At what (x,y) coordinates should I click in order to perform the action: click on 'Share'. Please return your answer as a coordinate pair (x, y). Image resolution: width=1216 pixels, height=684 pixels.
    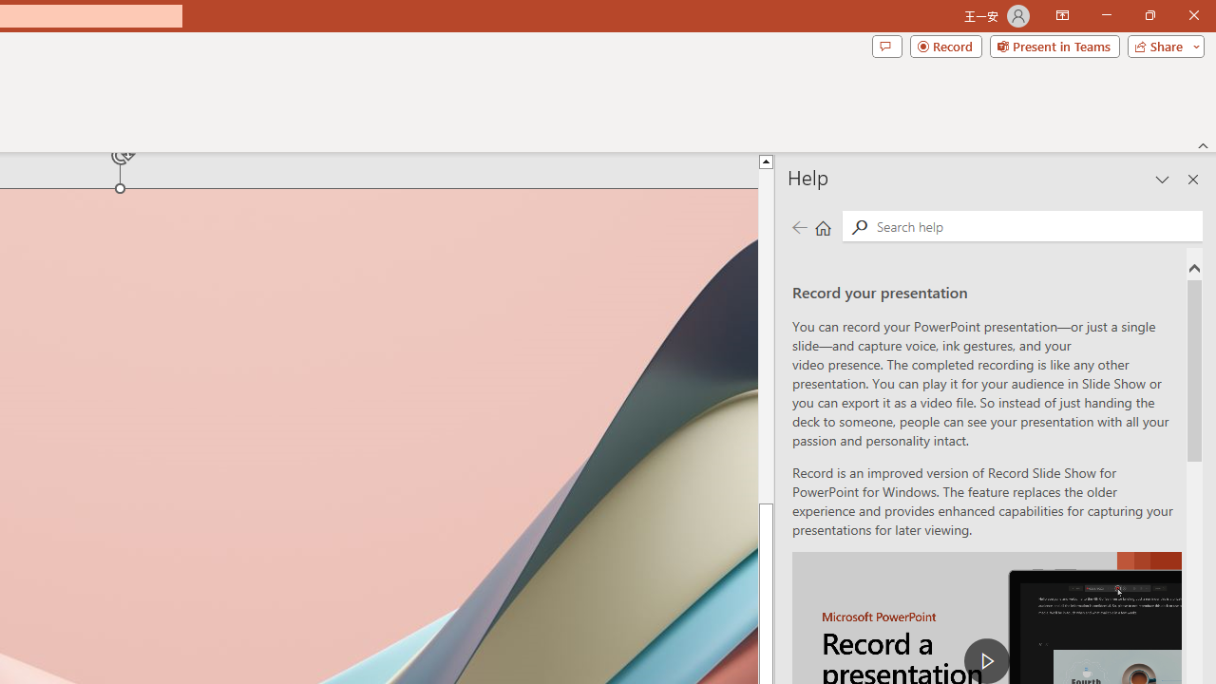
    Looking at the image, I should click on (1161, 45).